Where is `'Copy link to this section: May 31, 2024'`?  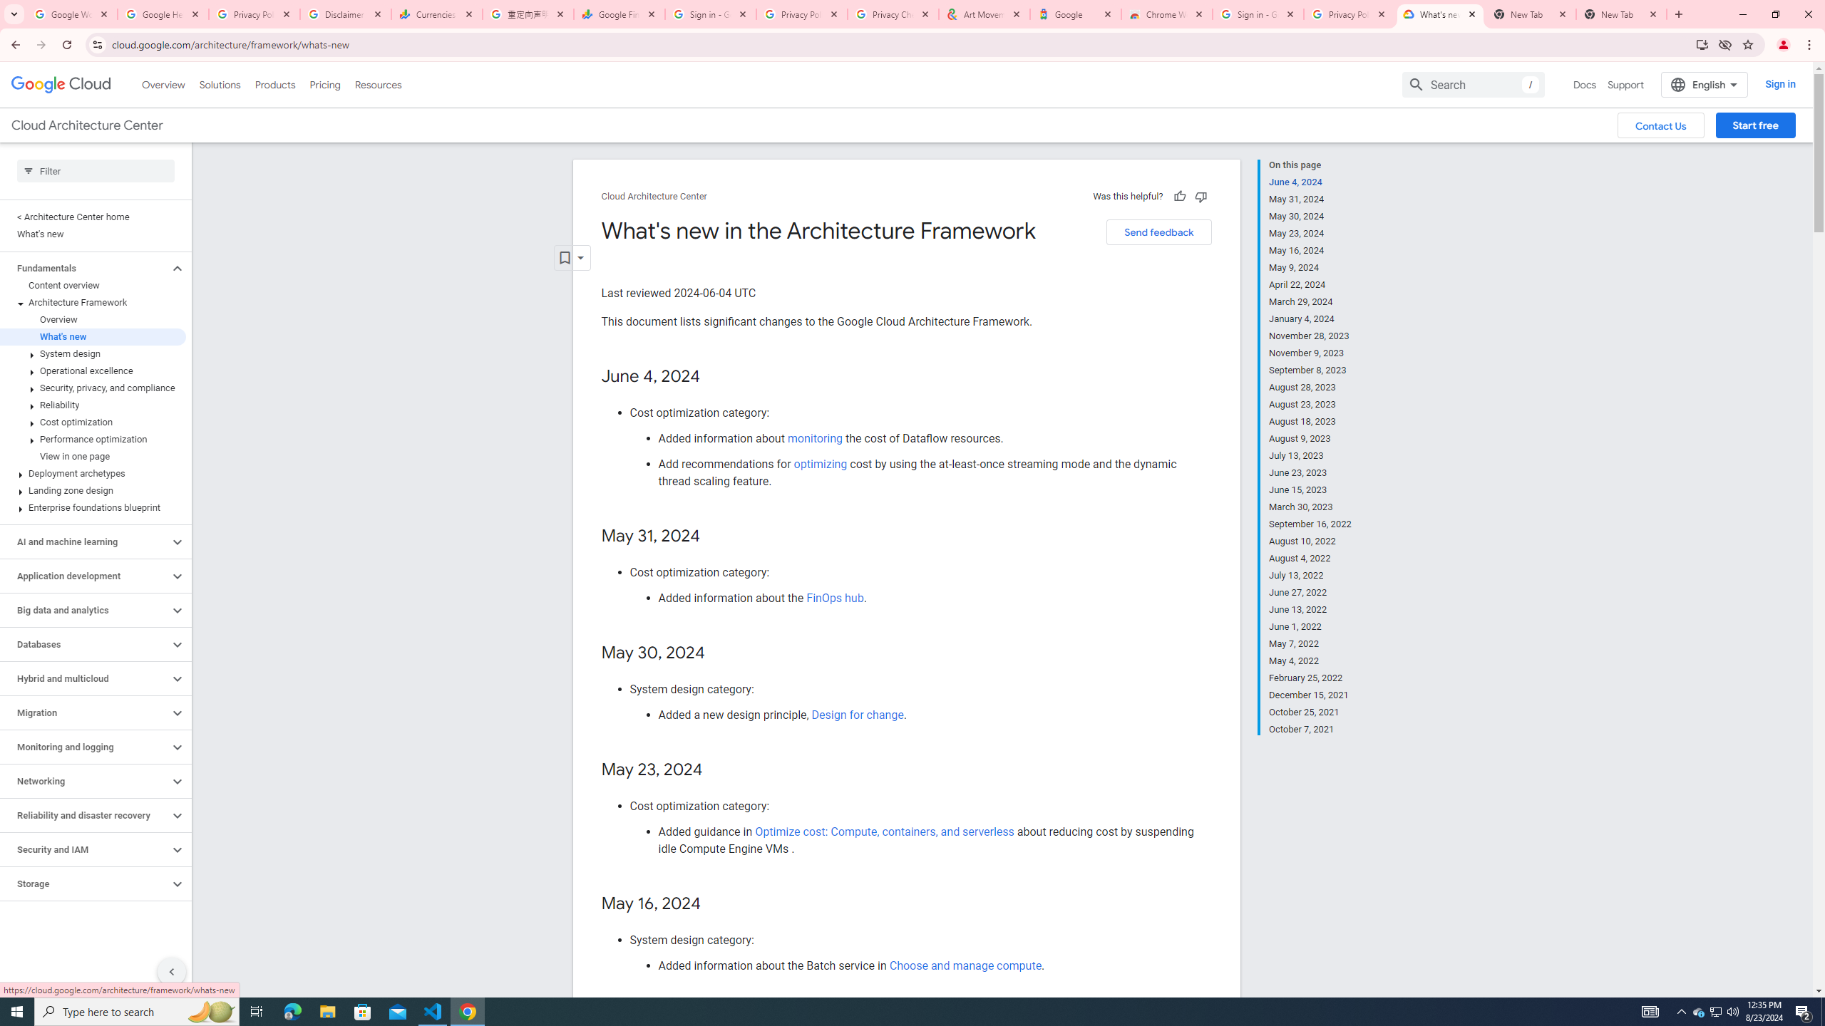 'Copy link to this section: May 31, 2024' is located at coordinates (714, 536).